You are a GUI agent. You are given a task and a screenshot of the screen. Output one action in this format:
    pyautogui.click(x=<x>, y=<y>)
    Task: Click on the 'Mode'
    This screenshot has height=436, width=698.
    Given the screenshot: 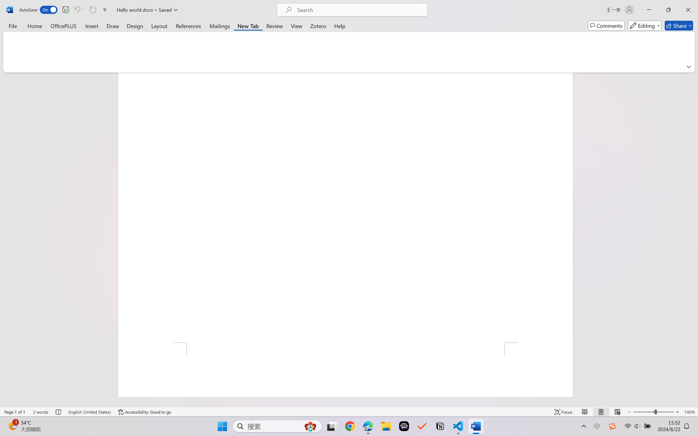 What is the action you would take?
    pyautogui.click(x=645, y=25)
    